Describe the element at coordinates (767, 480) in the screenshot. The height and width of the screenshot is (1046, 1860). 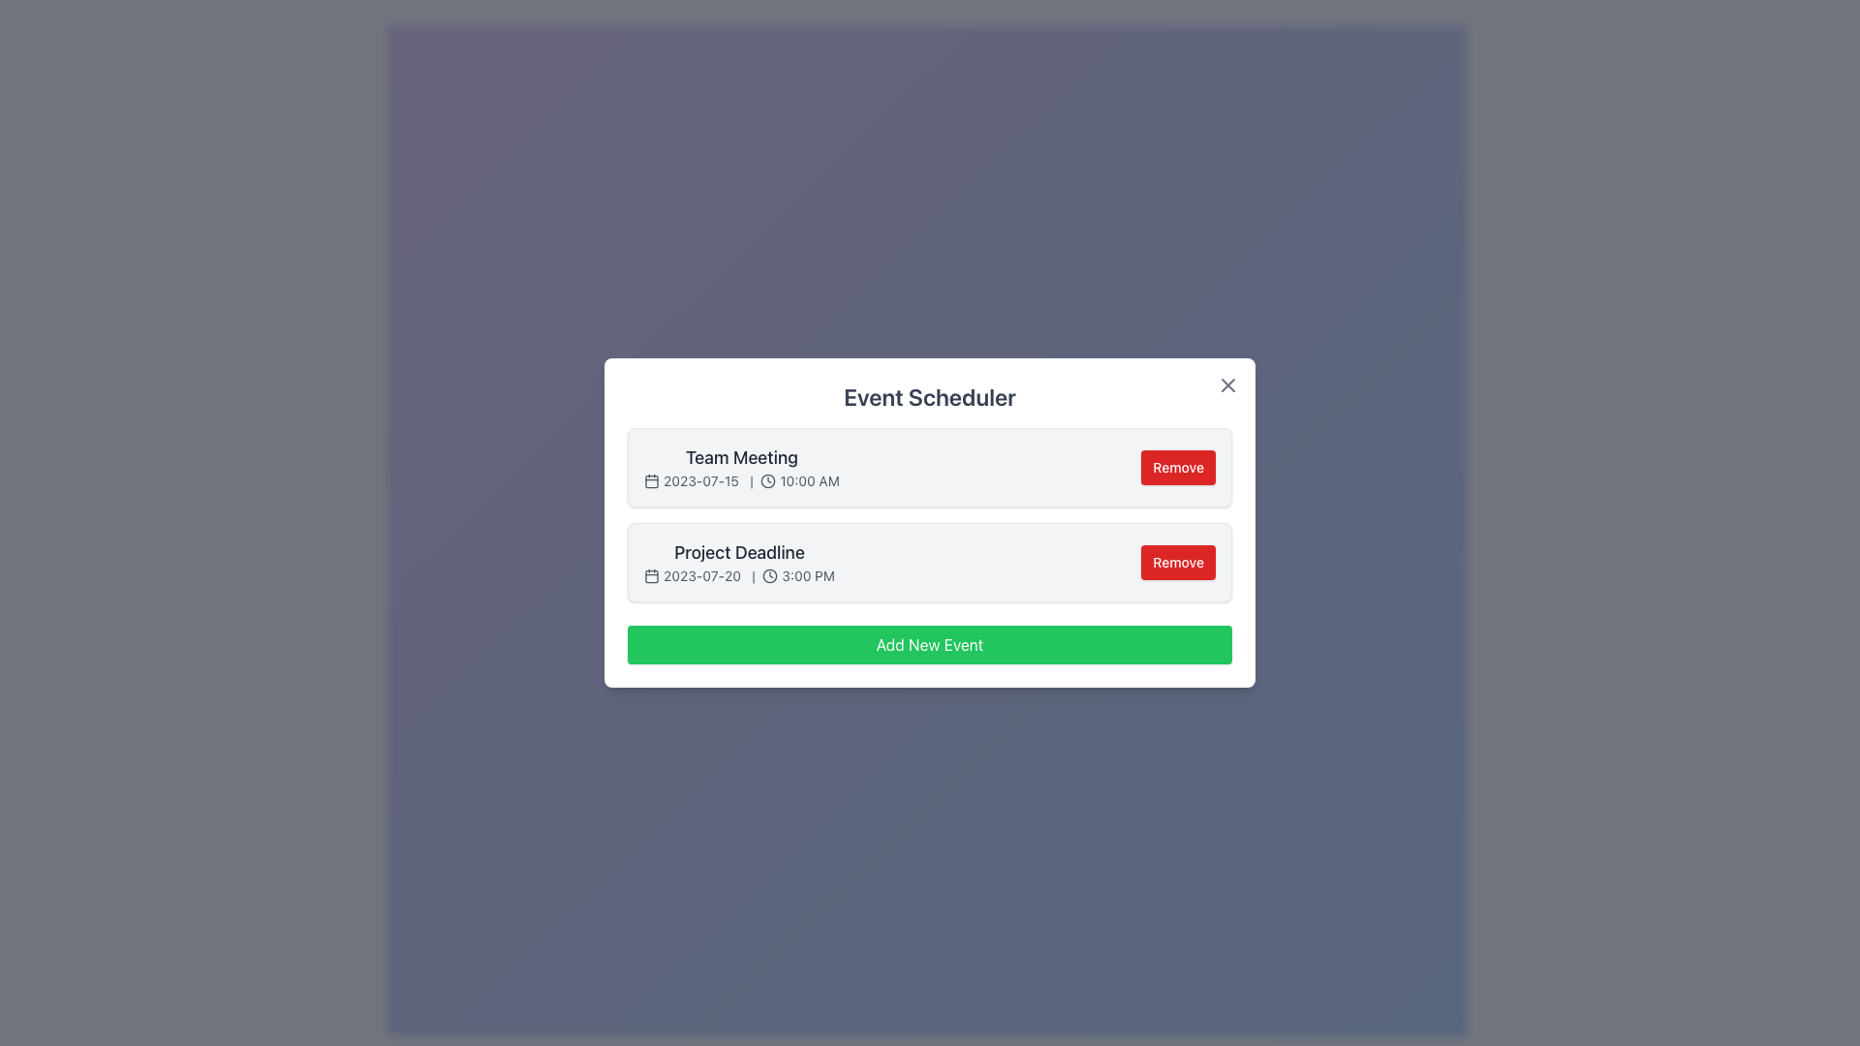
I see `the compact clock icon with a circular outline and clock hands, which is located inline before the time element in the timestamp '2023-07-15 | 10:00 AM'` at that location.